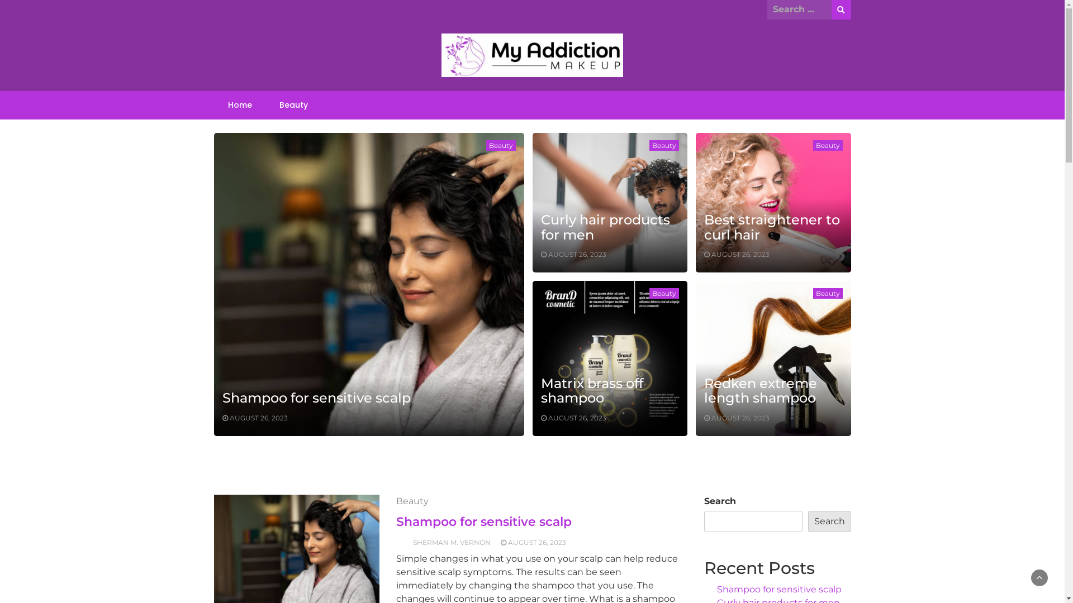 The width and height of the screenshot is (1073, 603). I want to click on 'Beauty', so click(412, 500).